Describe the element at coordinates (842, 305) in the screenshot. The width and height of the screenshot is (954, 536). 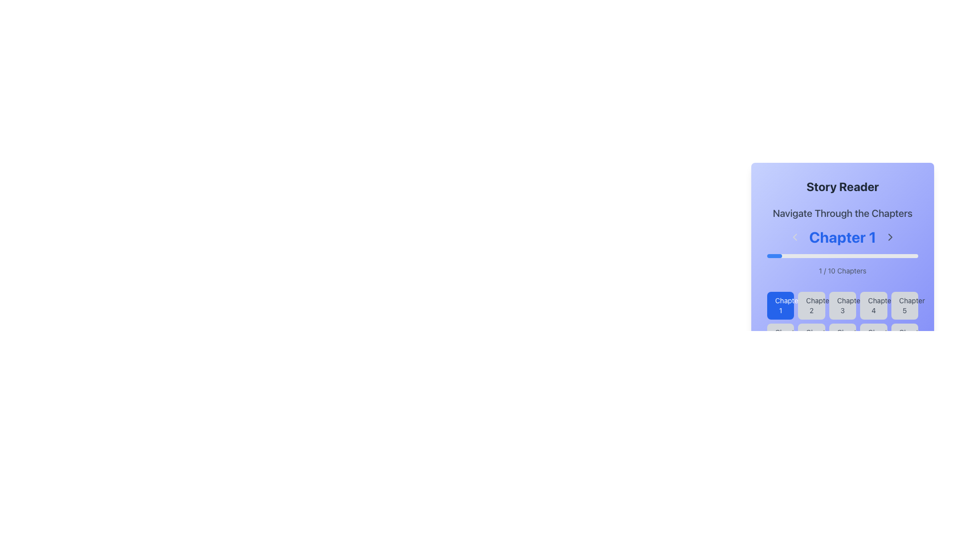
I see `the Chapter 3 navigation button` at that location.